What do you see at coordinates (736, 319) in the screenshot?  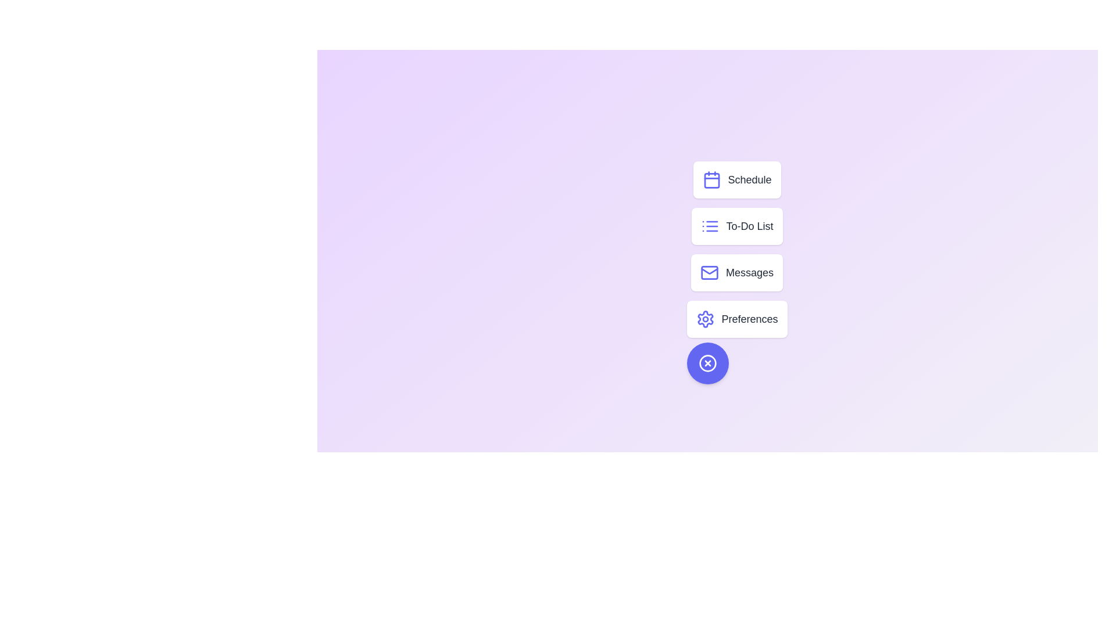 I see `the menu option Preferences from the speed dial menu` at bounding box center [736, 319].